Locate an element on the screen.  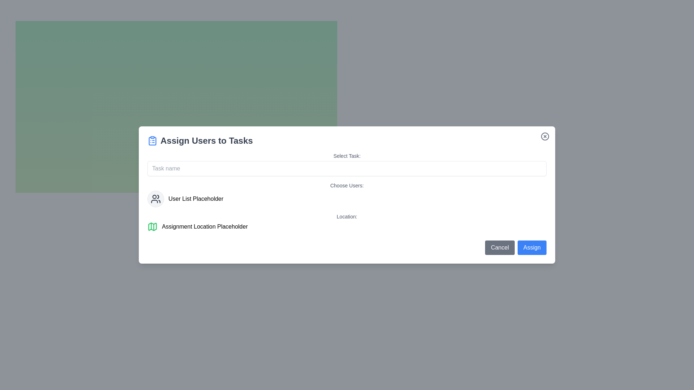
the task management feature icon located to the left of the 'Assign Users to Tasks' text in the header area is located at coordinates (152, 140).